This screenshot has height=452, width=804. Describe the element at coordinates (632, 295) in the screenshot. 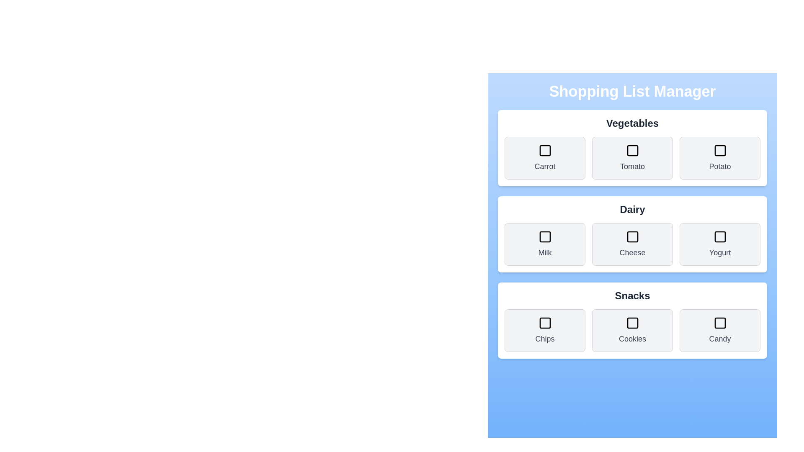

I see `the category title of the section Snacks` at that location.